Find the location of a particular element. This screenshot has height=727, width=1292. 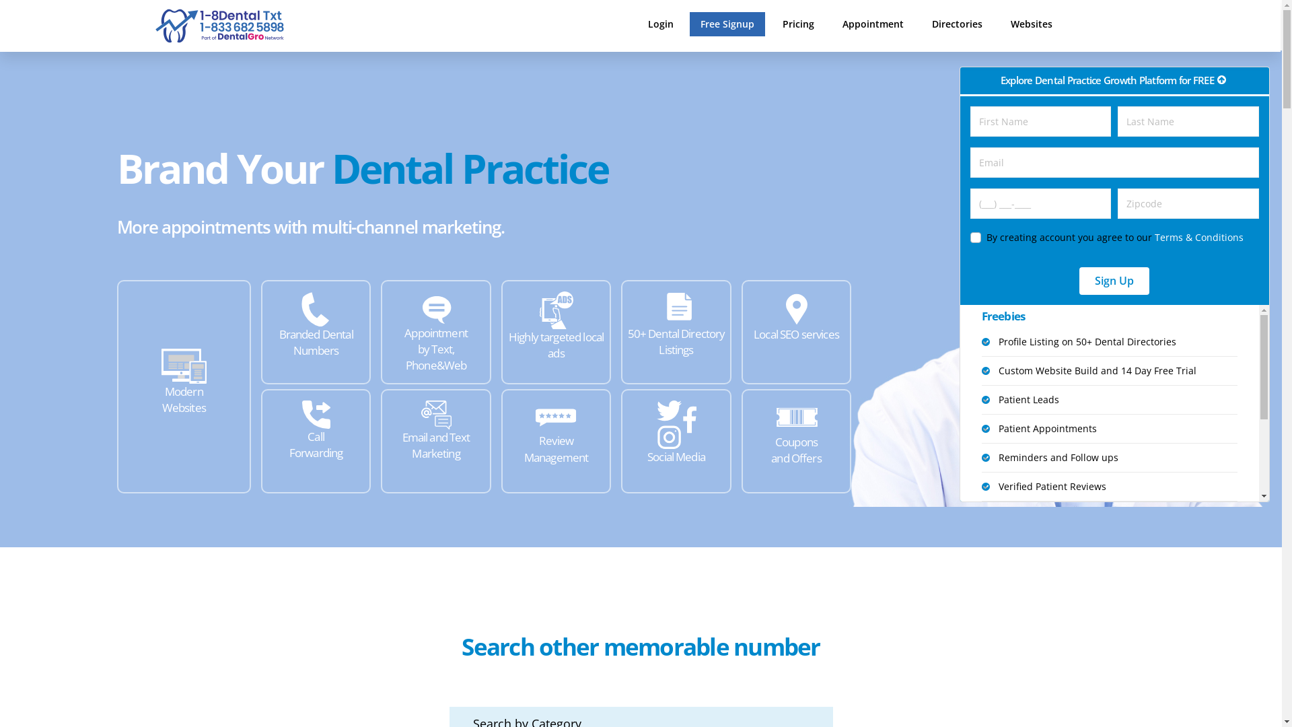

'Review Management' is located at coordinates (556, 441).